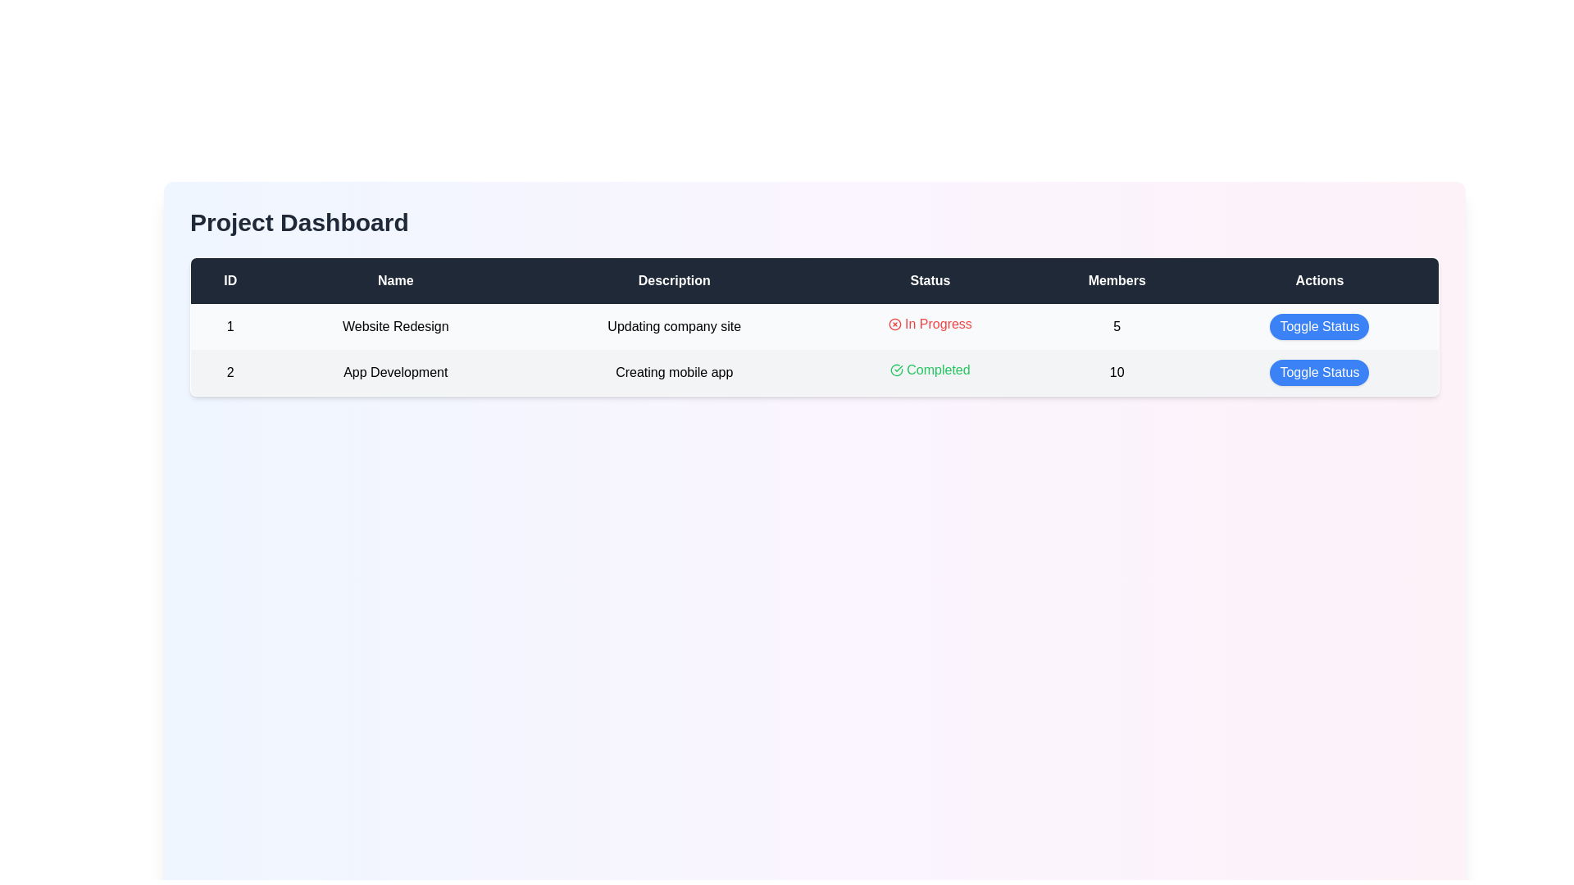 The image size is (1574, 885). I want to click on the toggle button located in the last column of the second row of the project table, which is to the right of the 'Members' column with a value of '10', so click(1319, 373).